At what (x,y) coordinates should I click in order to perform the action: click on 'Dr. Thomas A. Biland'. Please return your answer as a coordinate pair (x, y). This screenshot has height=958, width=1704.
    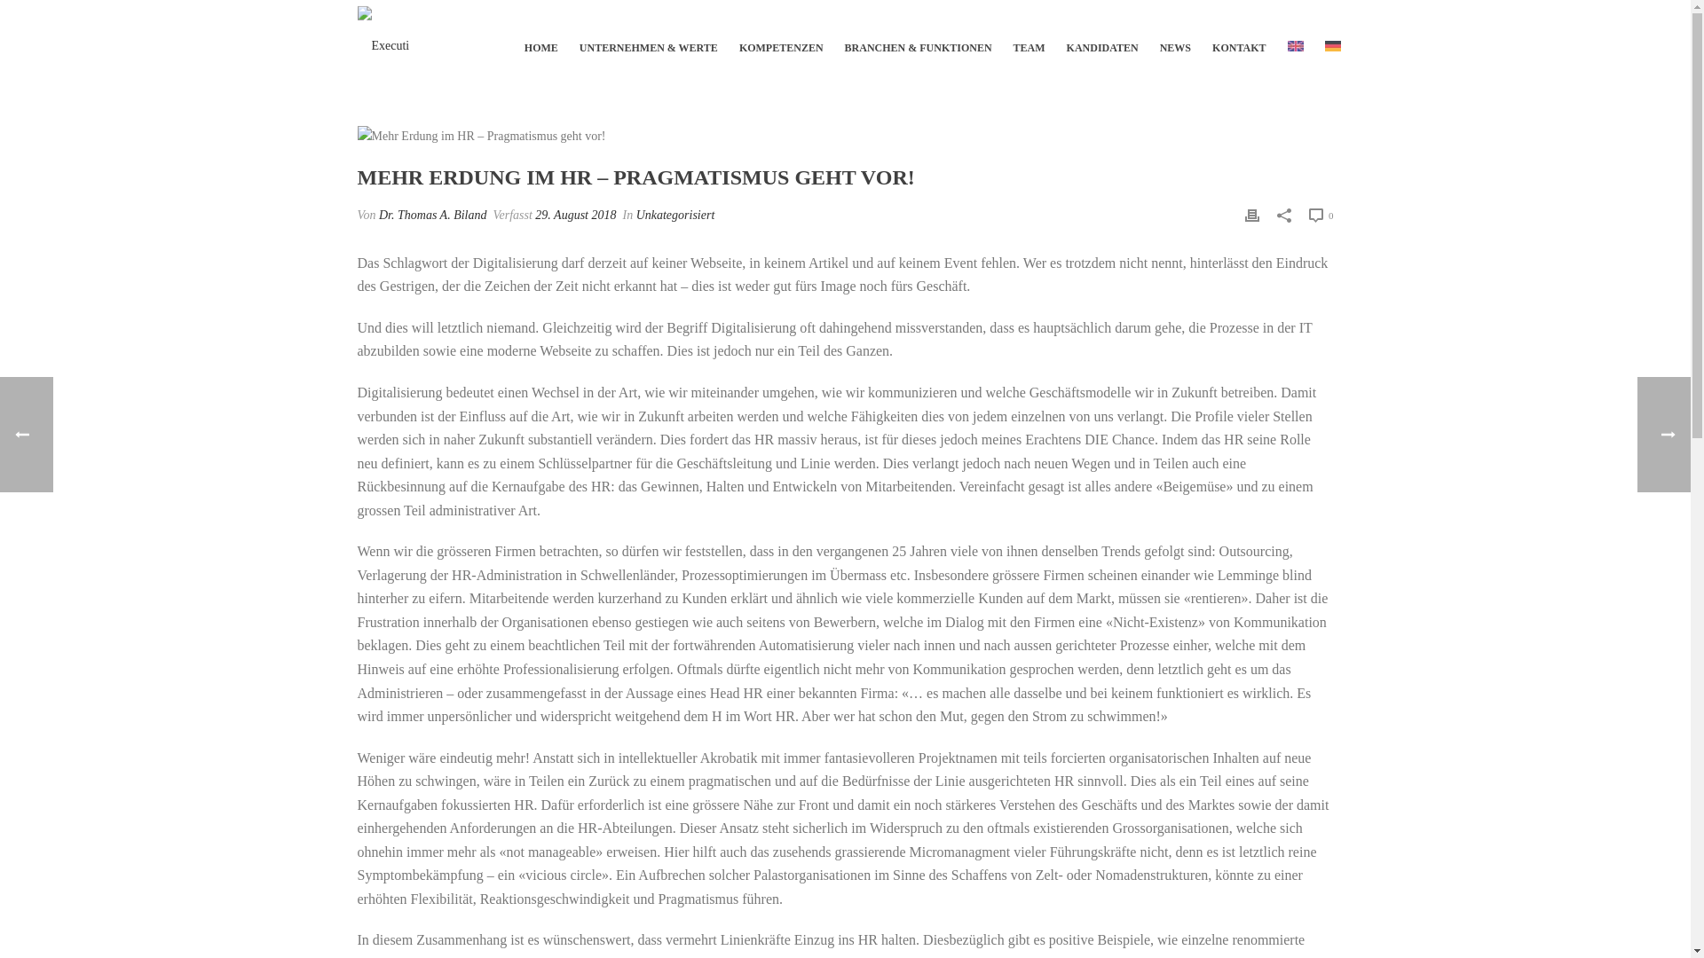
    Looking at the image, I should click on (378, 214).